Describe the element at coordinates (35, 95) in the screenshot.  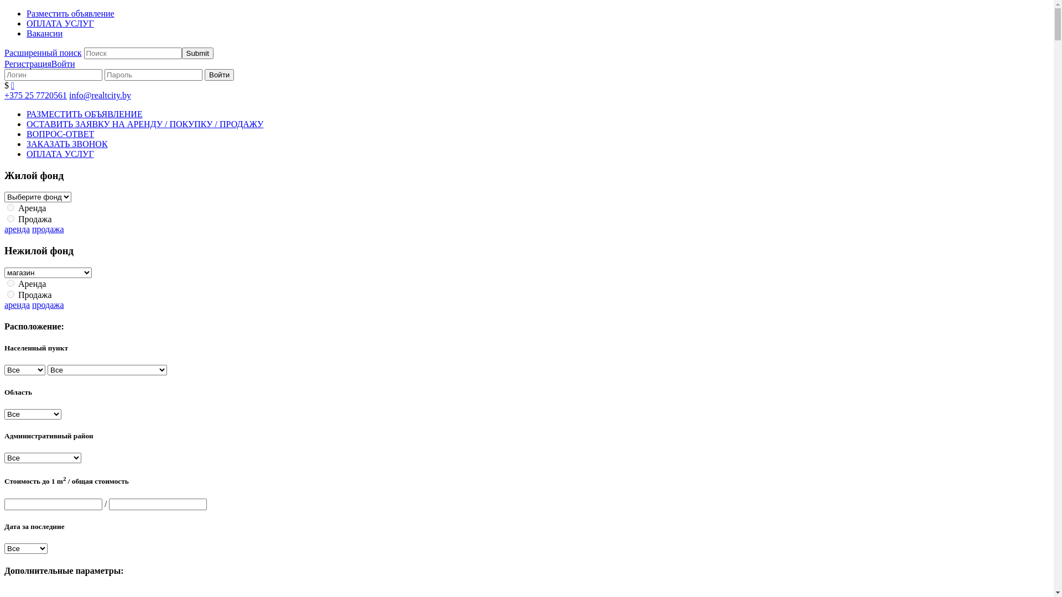
I see `'+375 25 7720561'` at that location.